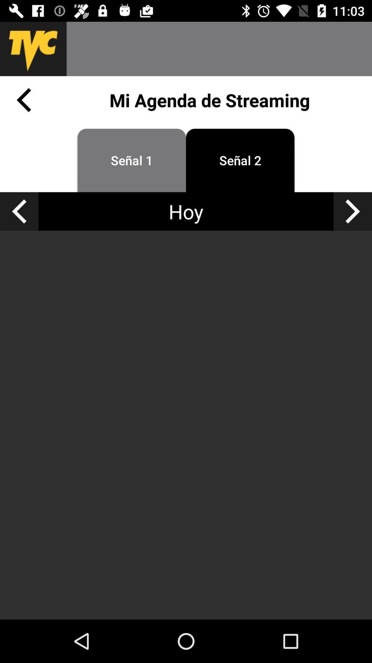  I want to click on icon next to hoy app, so click(353, 211).